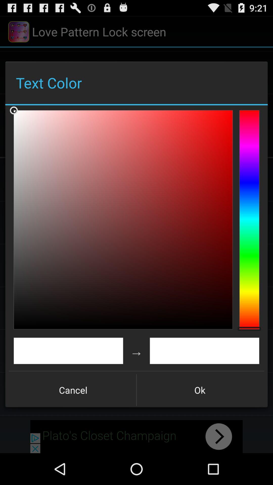 Image resolution: width=273 pixels, height=485 pixels. Describe the element at coordinates (199, 390) in the screenshot. I see `the item next to cancel icon` at that location.